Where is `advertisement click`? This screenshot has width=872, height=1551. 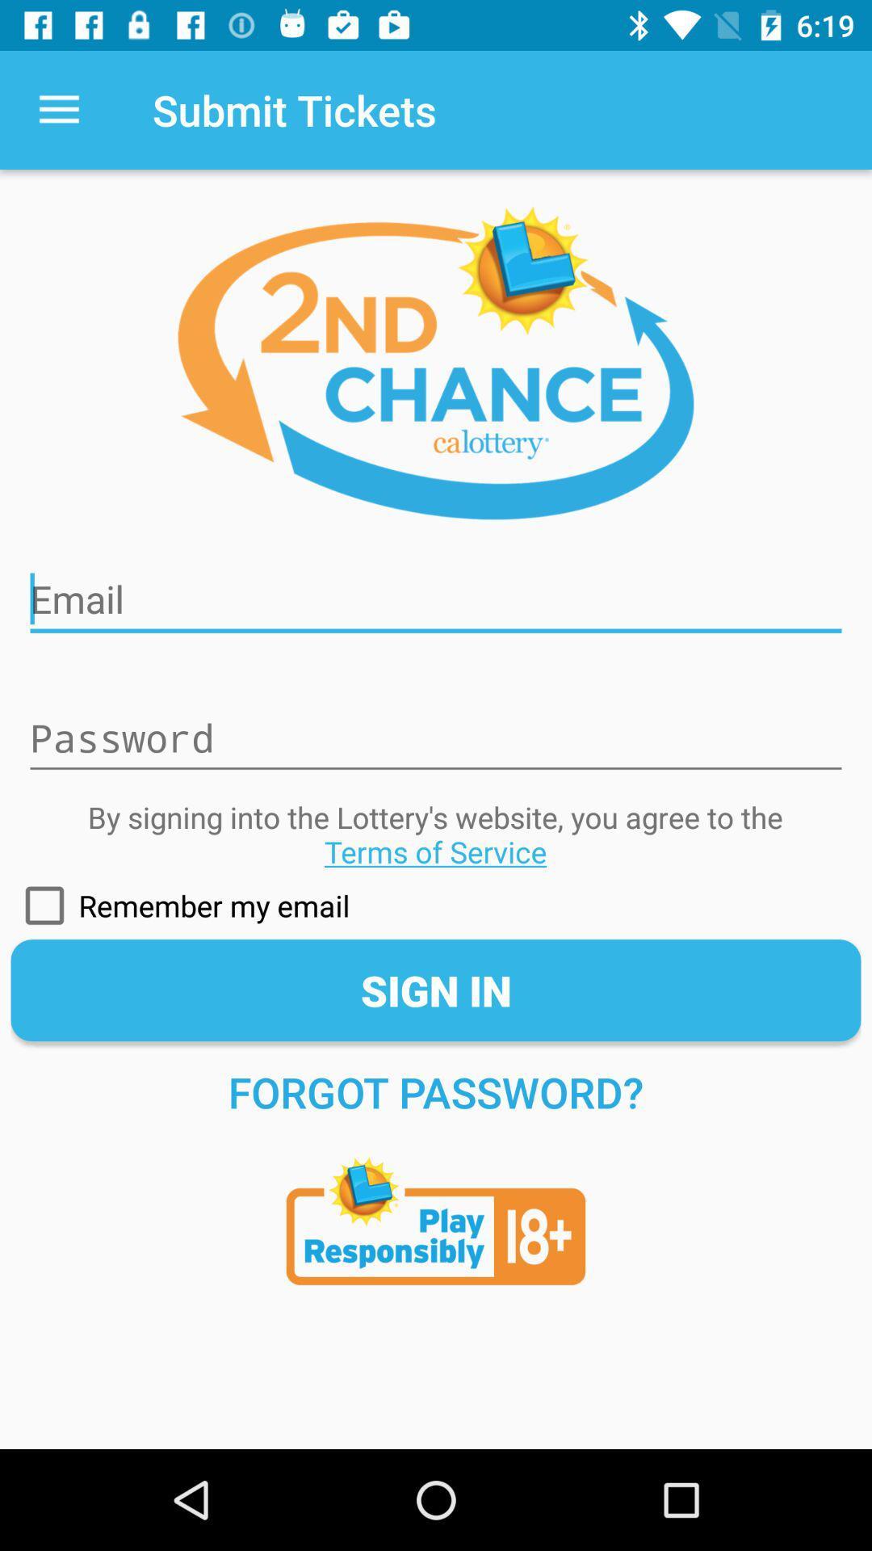
advertisement click is located at coordinates (436, 1213).